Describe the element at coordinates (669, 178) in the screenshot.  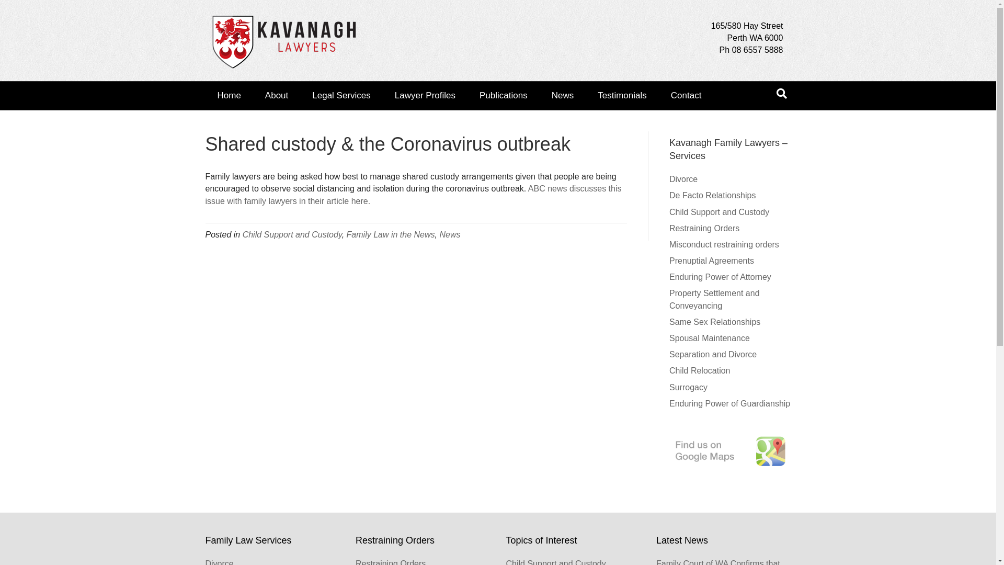
I see `'Divorce'` at that location.